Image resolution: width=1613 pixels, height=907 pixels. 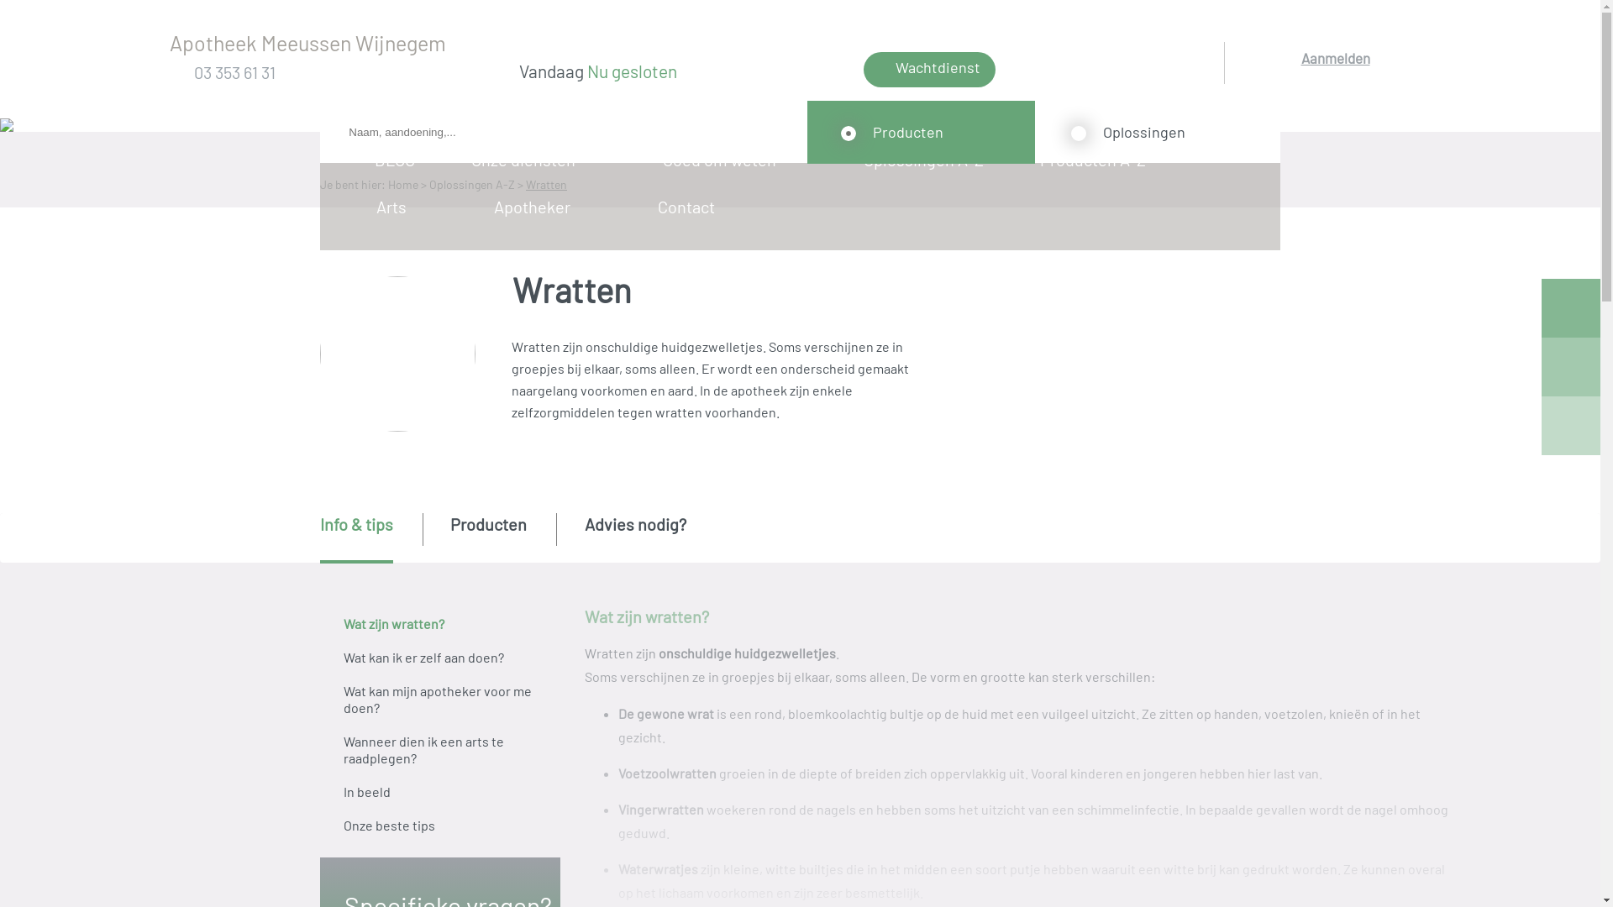 What do you see at coordinates (546, 184) in the screenshot?
I see `'Wratten'` at bounding box center [546, 184].